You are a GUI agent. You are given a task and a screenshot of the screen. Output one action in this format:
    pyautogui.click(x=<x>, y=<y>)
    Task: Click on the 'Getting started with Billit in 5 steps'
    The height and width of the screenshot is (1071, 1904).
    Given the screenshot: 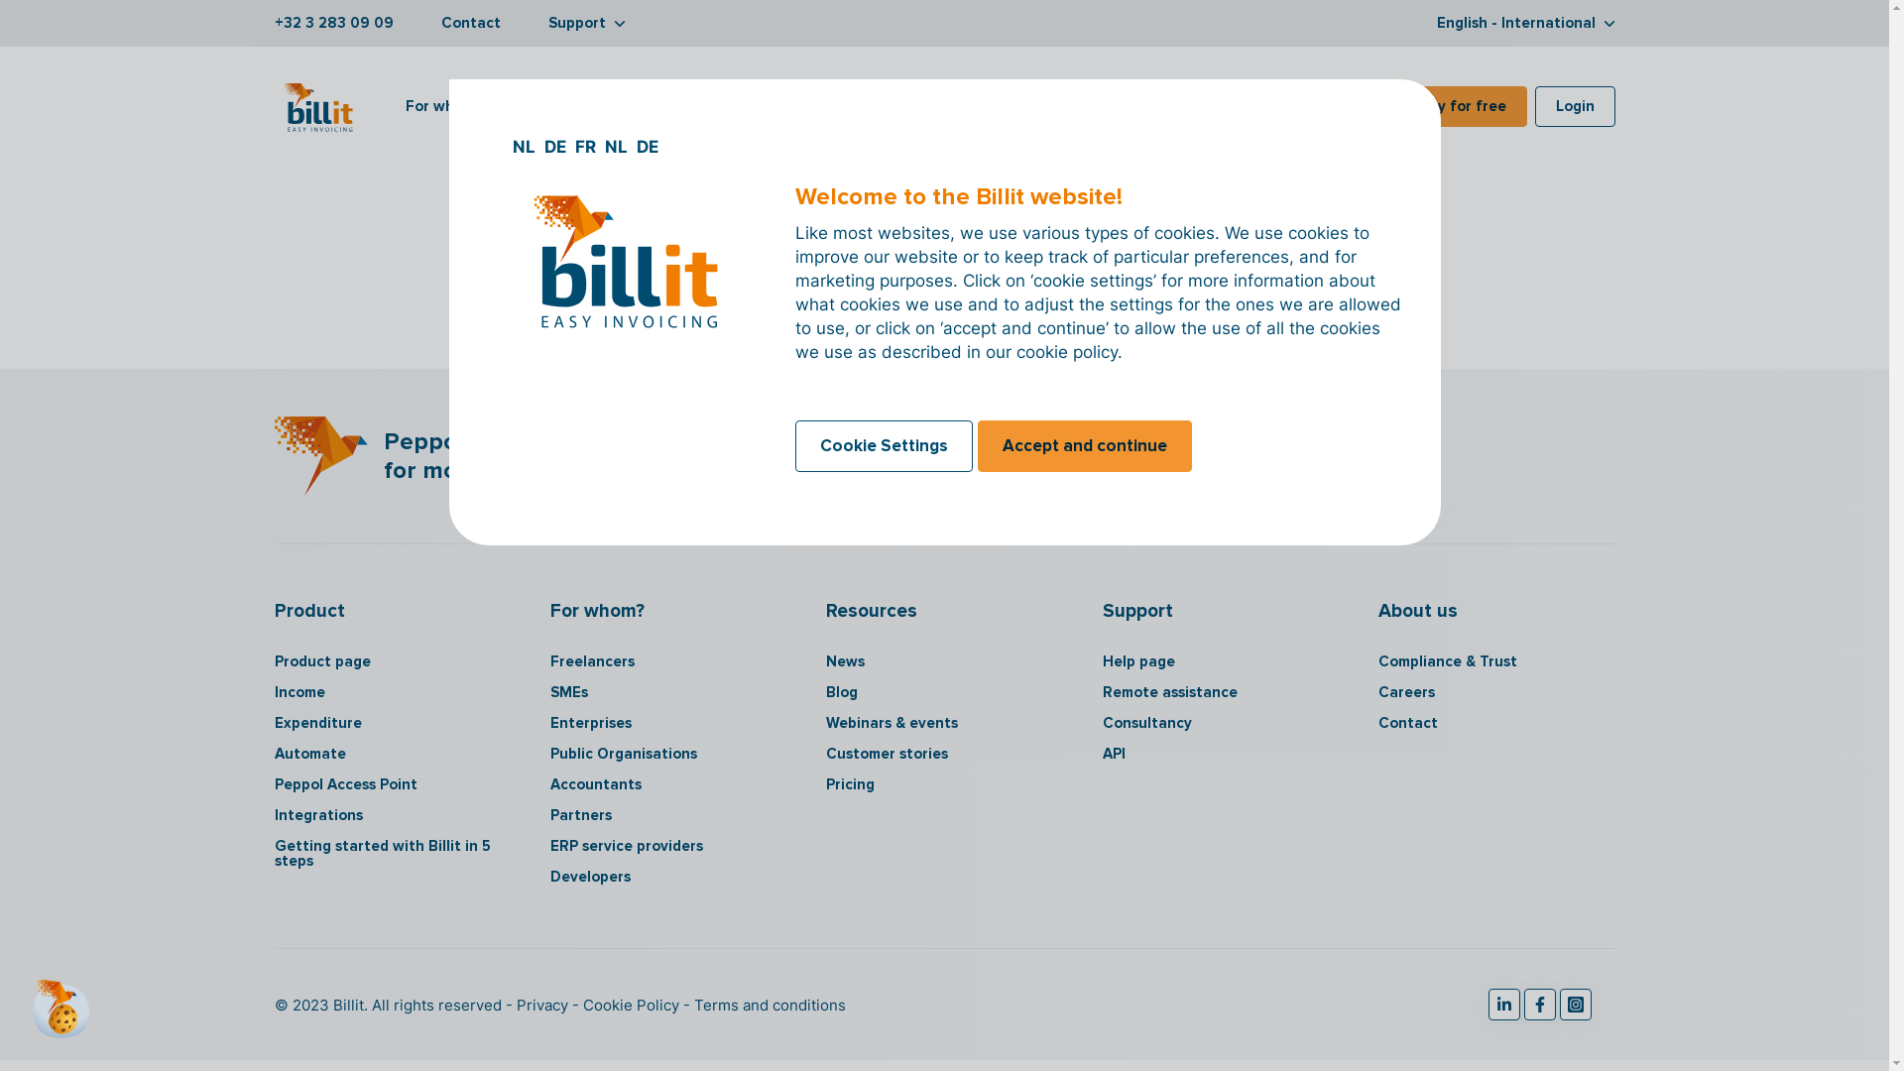 What is the action you would take?
    pyautogui.click(x=391, y=852)
    